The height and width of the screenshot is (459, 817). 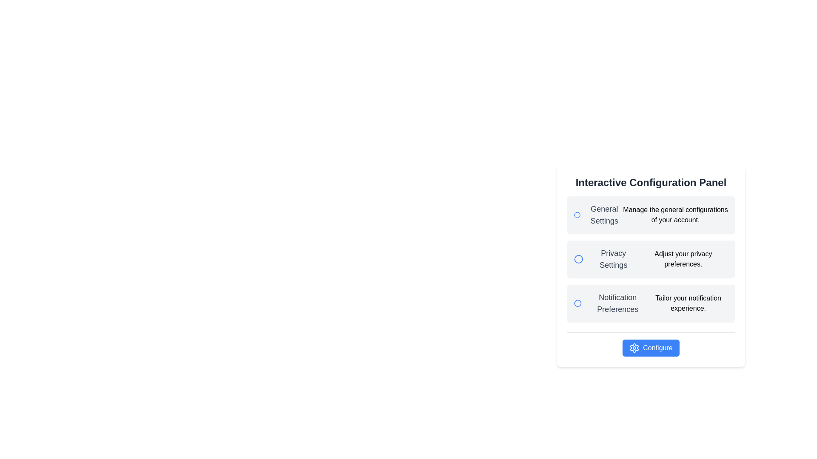 I want to click on the 'Privacy Settings' option in the Interactive Configuration Panel, which is the second option in a vertical list of three options, so click(x=651, y=258).